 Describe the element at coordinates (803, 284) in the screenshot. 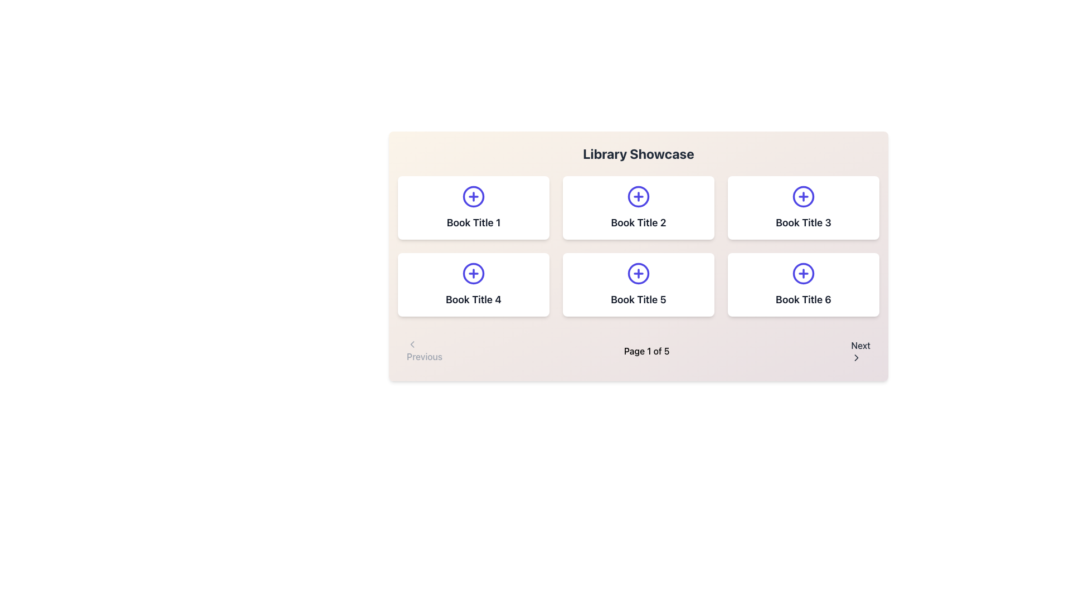

I see `the static card representing 'Book Title 6' located at the bottom-right of a 2-row grid layout` at that location.